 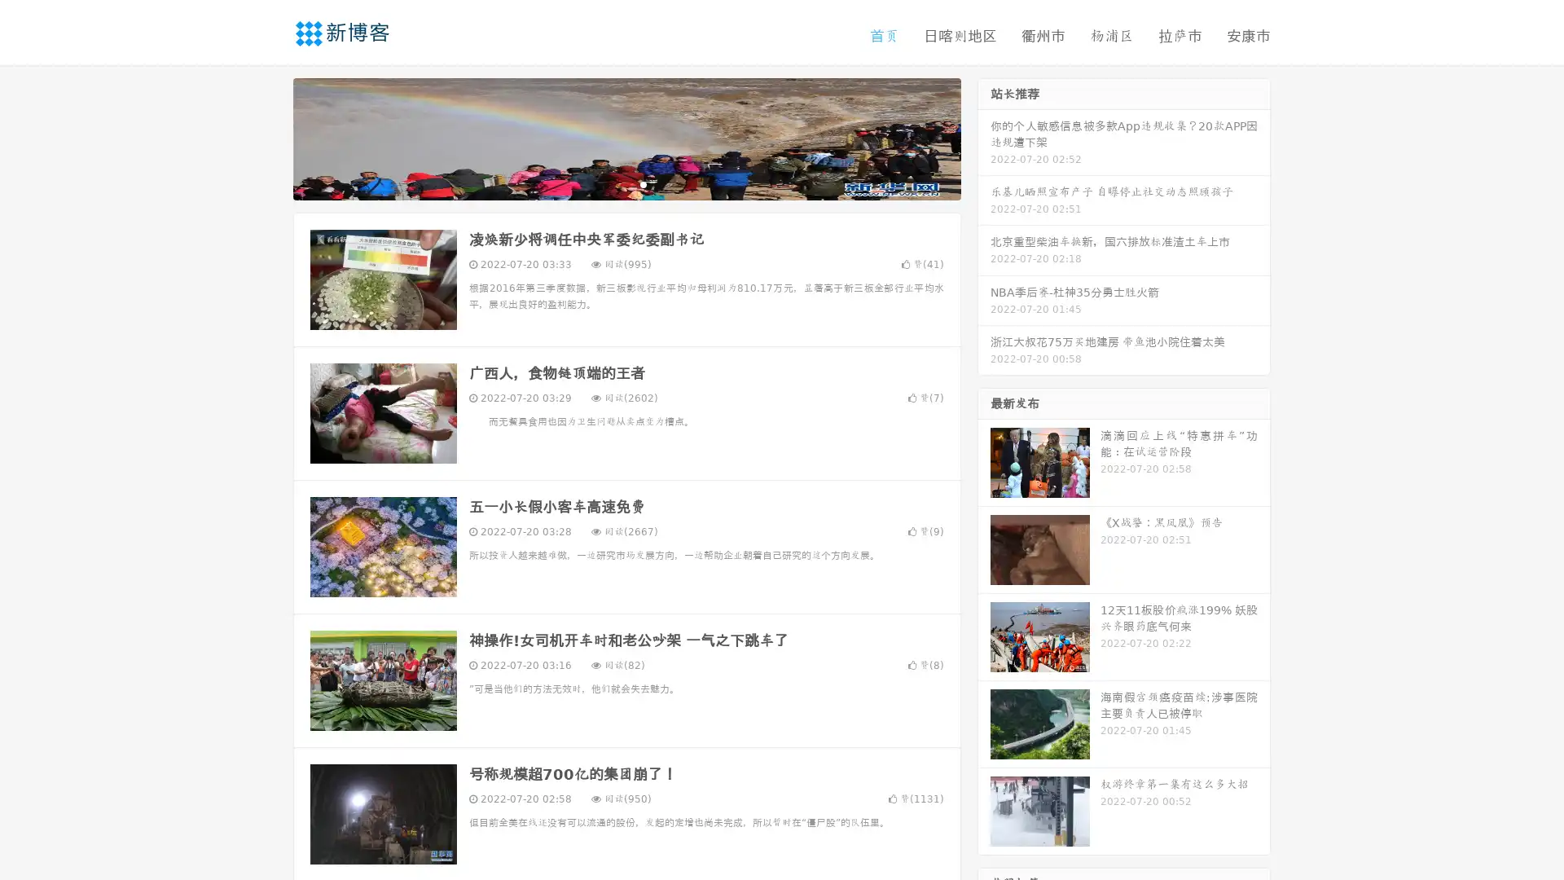 I want to click on Go to slide 3, so click(x=643, y=183).